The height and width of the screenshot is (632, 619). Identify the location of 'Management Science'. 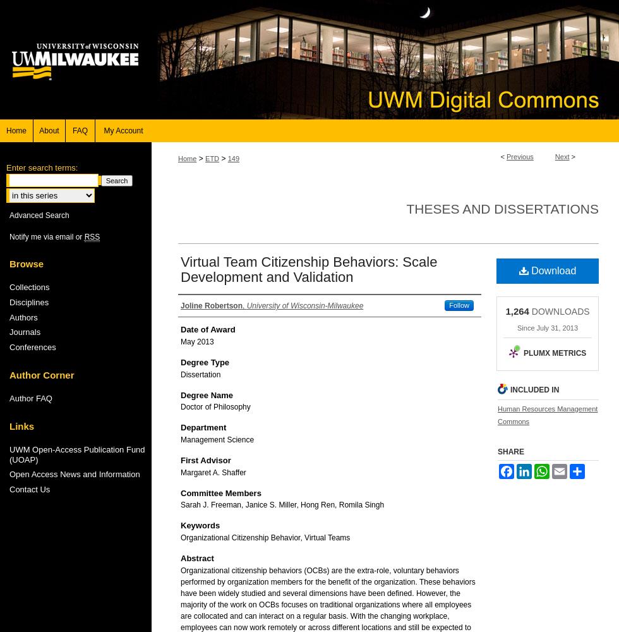
(217, 439).